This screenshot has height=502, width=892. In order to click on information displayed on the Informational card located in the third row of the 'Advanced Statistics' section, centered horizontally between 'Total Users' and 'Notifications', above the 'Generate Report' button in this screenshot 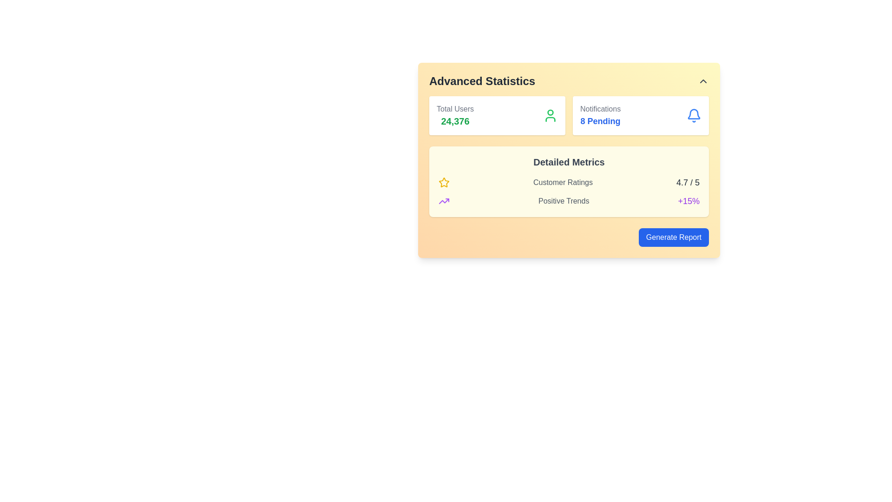, I will do `click(568, 181)`.